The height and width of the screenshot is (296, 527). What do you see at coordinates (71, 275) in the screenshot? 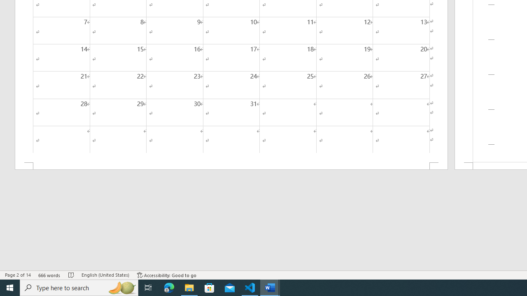
I see `'Spelling and Grammar Check No Errors'` at bounding box center [71, 275].